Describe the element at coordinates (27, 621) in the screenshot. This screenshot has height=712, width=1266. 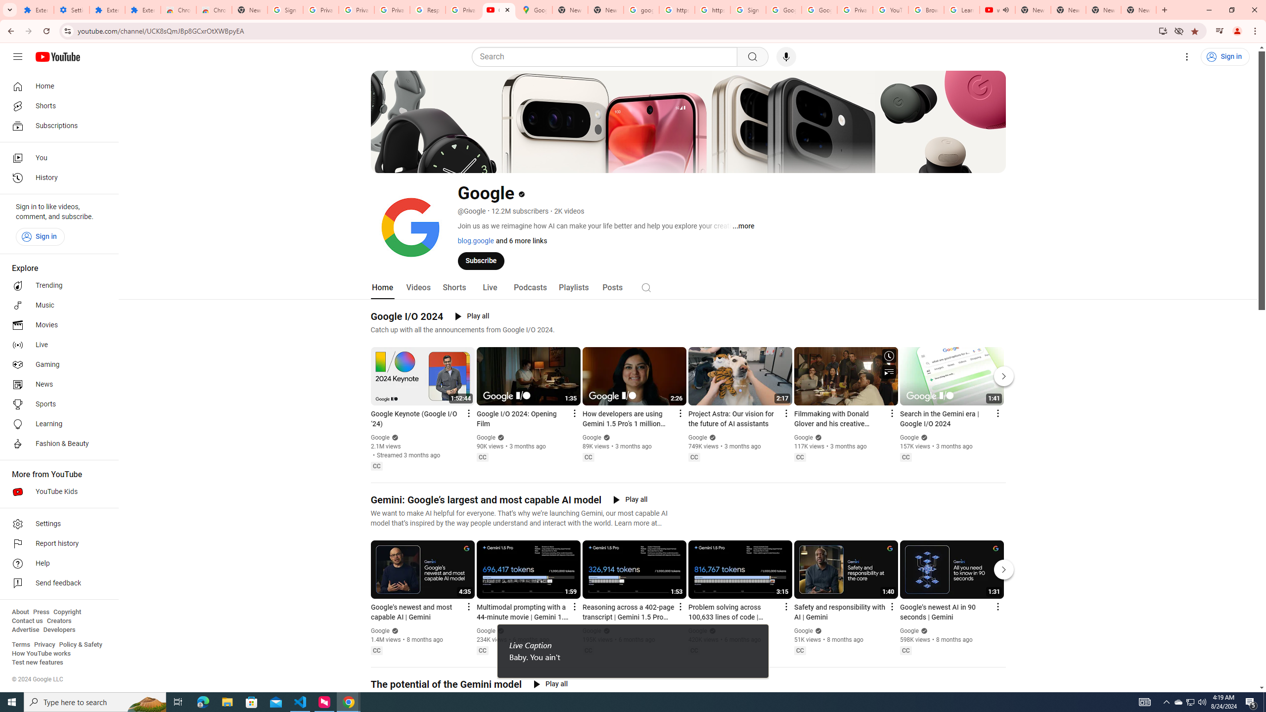
I see `'Contact us'` at that location.